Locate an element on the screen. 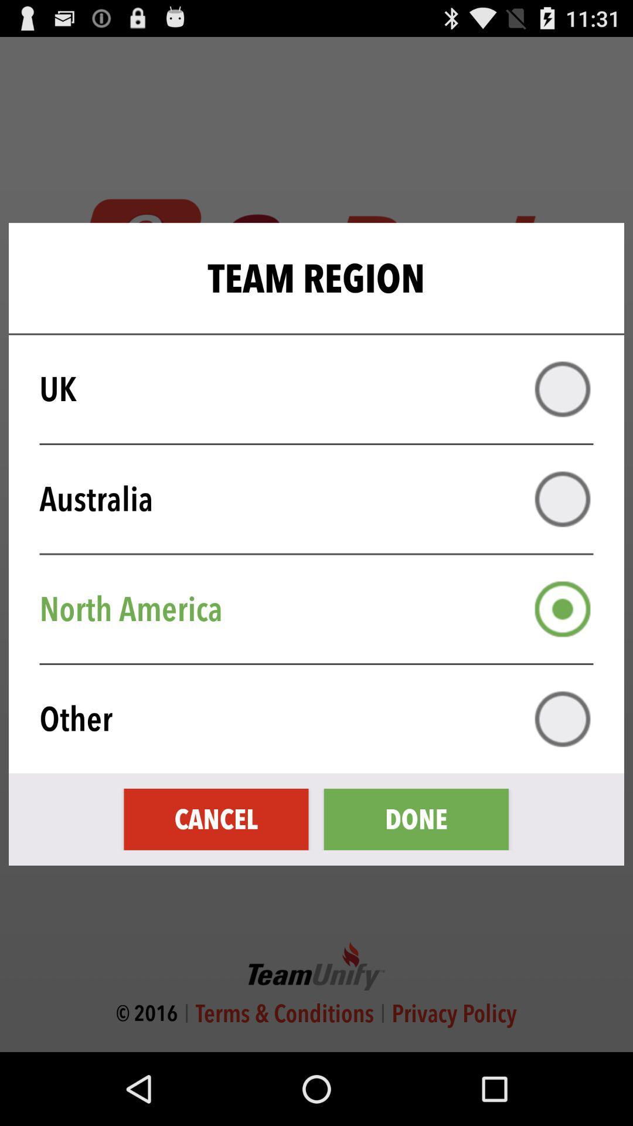  the done icon is located at coordinates (416, 819).